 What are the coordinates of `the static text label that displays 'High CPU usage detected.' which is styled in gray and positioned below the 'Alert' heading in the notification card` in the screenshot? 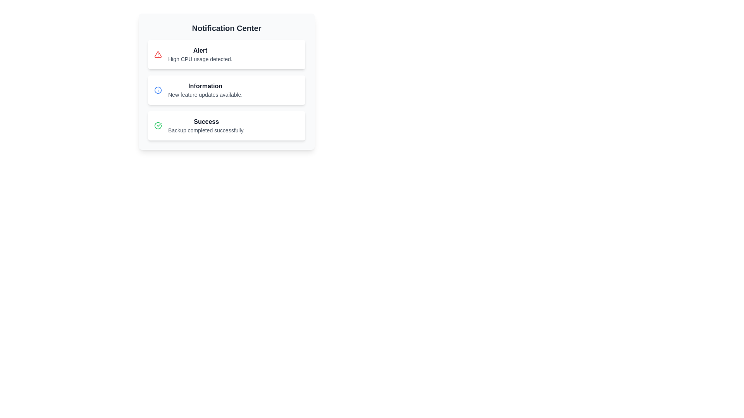 It's located at (200, 59).